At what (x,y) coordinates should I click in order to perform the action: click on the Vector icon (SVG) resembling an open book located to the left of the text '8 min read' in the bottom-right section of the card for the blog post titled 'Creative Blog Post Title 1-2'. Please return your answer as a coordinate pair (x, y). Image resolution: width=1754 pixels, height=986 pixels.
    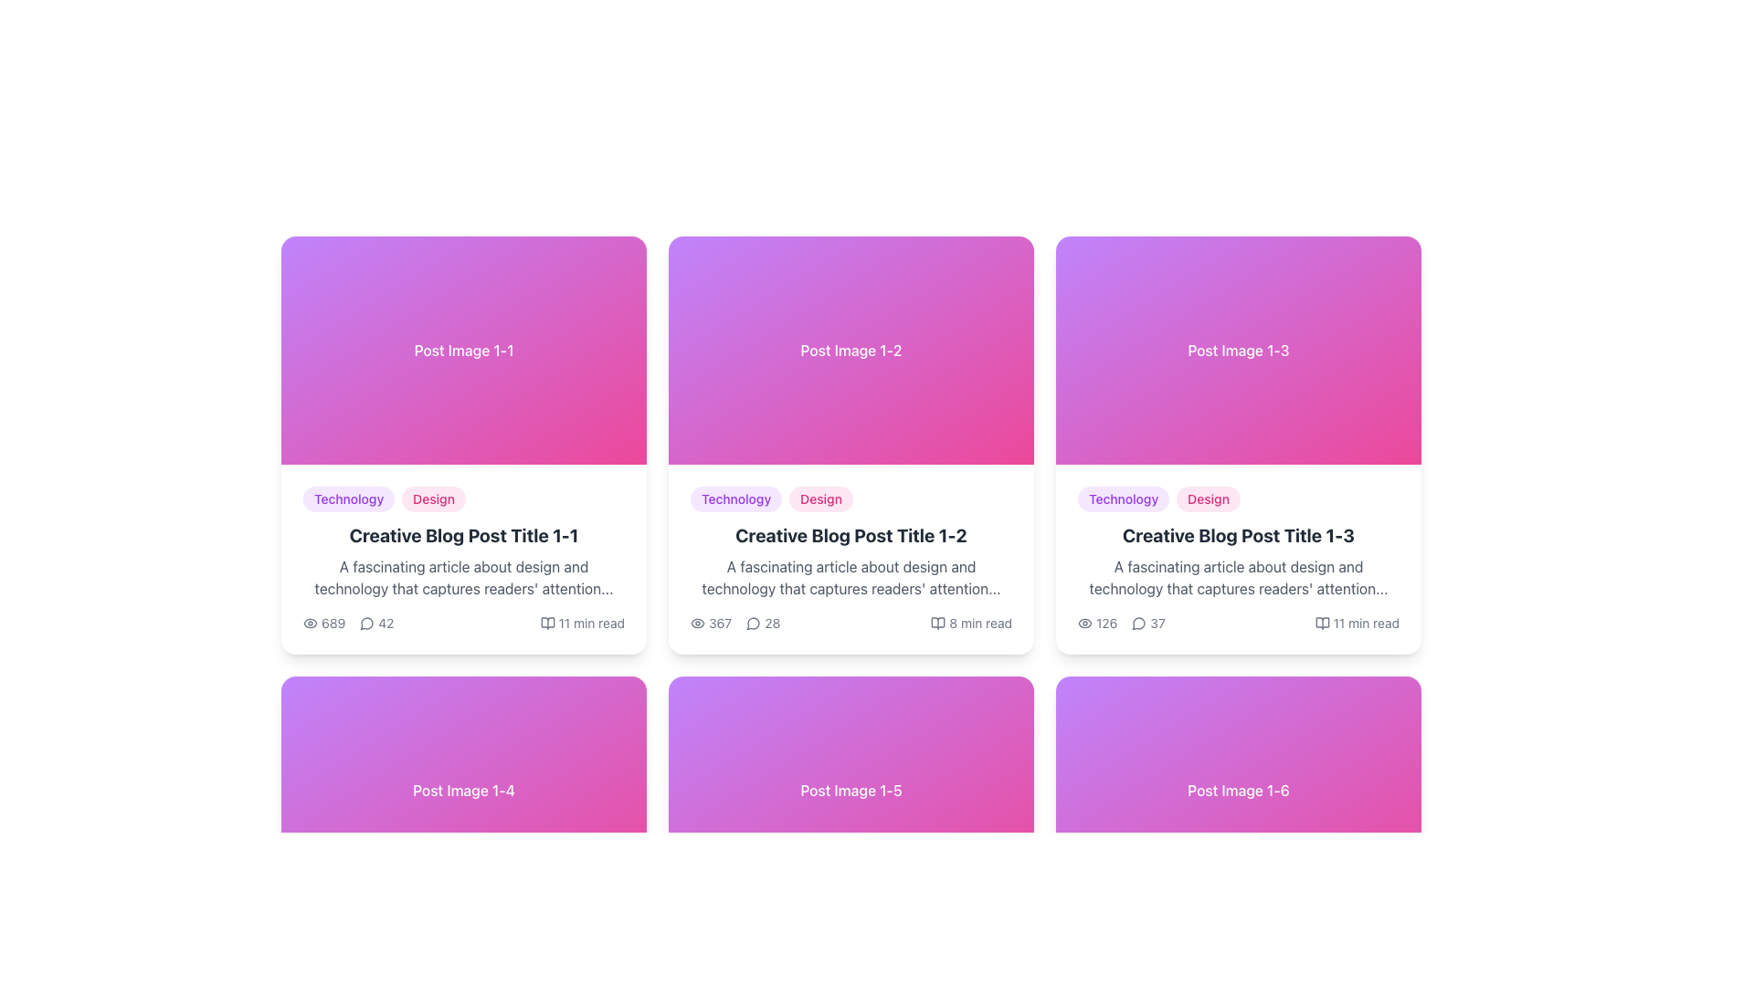
    Looking at the image, I should click on (938, 622).